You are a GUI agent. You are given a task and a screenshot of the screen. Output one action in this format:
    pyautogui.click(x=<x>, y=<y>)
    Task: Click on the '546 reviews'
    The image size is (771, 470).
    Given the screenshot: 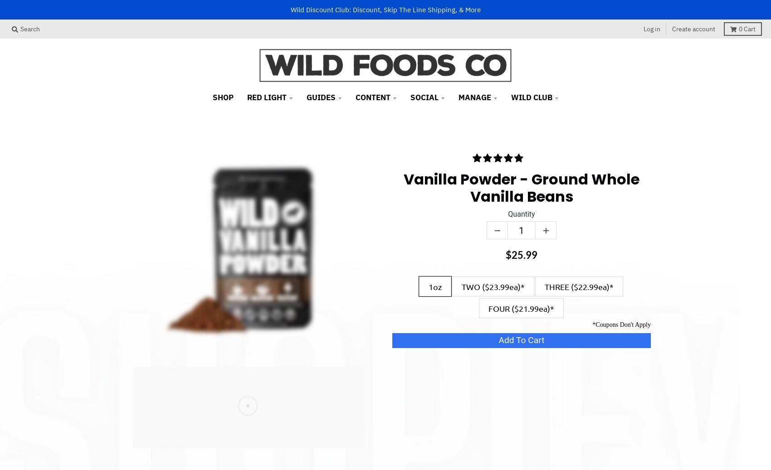 What is the action you would take?
    pyautogui.click(x=525, y=158)
    